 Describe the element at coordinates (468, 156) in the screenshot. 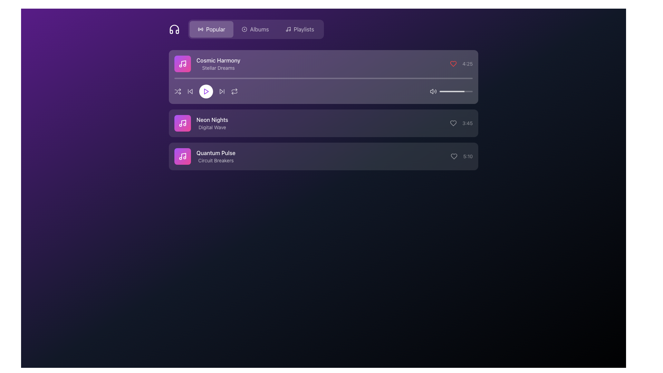

I see `the static text label displaying the duration '5:10' in light gray, located at the far right of the bottom list item` at that location.